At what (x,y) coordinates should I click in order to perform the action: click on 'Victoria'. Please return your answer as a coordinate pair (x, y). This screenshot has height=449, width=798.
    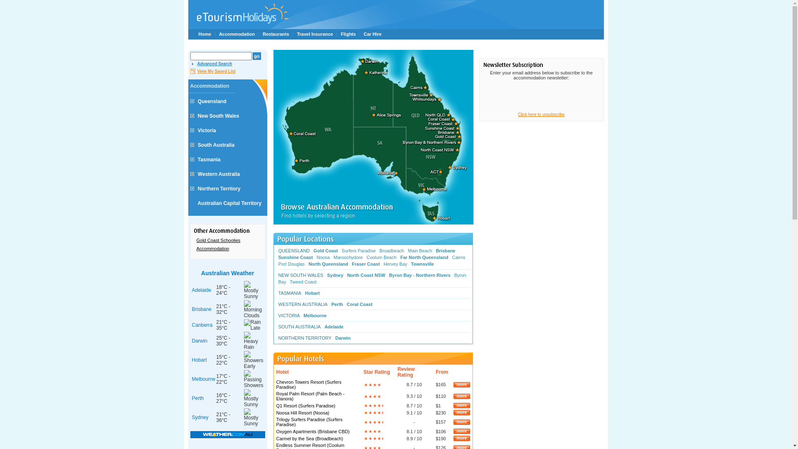
    Looking at the image, I should click on (207, 130).